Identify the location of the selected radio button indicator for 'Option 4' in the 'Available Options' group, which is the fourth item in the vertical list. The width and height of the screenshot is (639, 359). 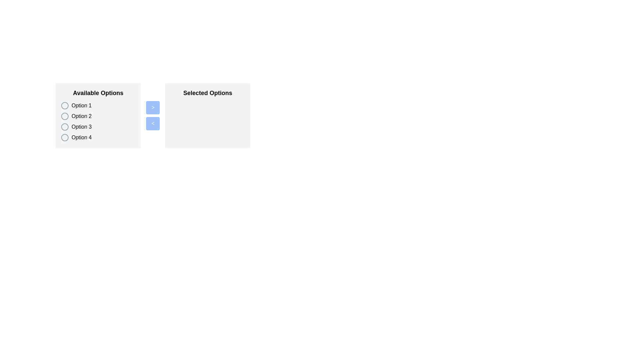
(65, 137).